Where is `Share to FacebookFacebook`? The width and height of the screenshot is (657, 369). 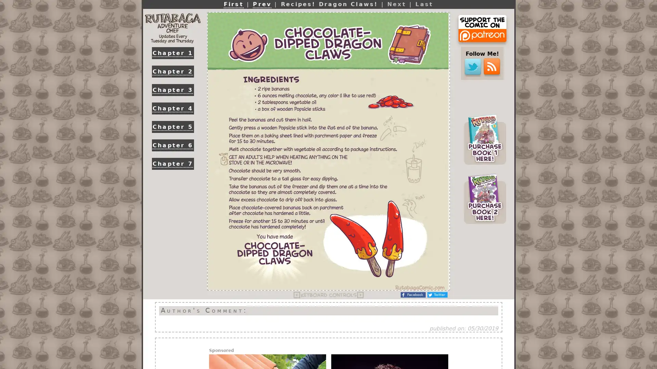 Share to FacebookFacebook is located at coordinates (413, 295).